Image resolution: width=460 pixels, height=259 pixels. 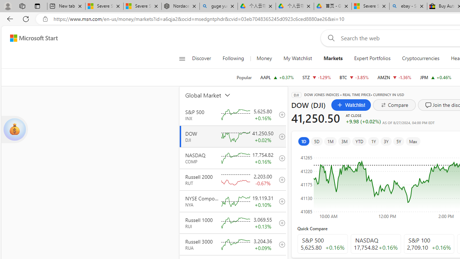 What do you see at coordinates (304, 141) in the screenshot?
I see `'1D'` at bounding box center [304, 141].